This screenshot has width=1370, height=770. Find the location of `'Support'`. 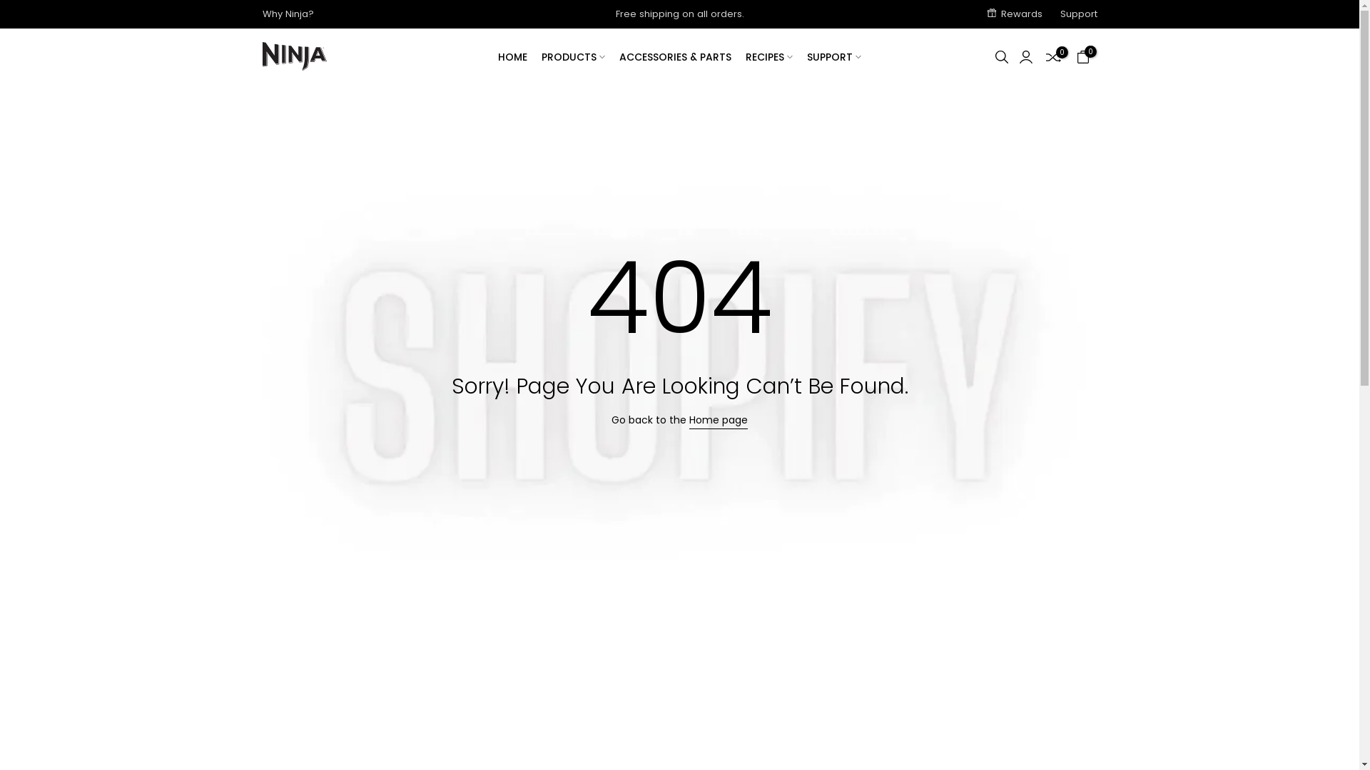

'Support' is located at coordinates (1079, 14).